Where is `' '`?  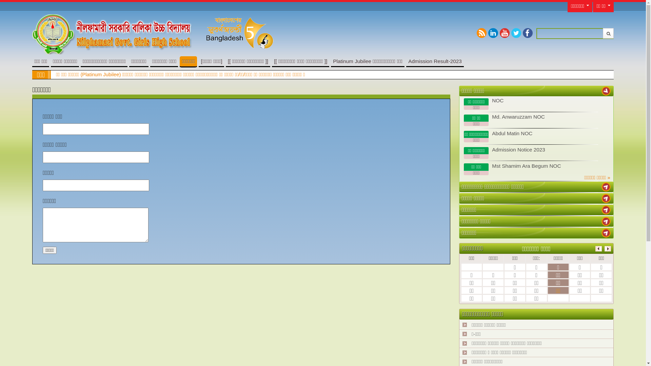 ' ' is located at coordinates (601, 198).